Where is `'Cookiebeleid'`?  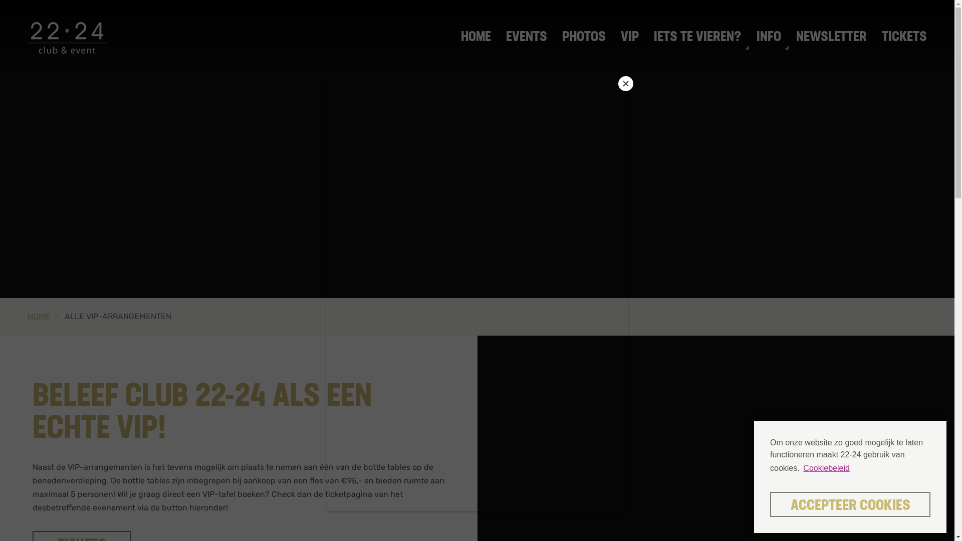
'Cookiebeleid' is located at coordinates (801, 468).